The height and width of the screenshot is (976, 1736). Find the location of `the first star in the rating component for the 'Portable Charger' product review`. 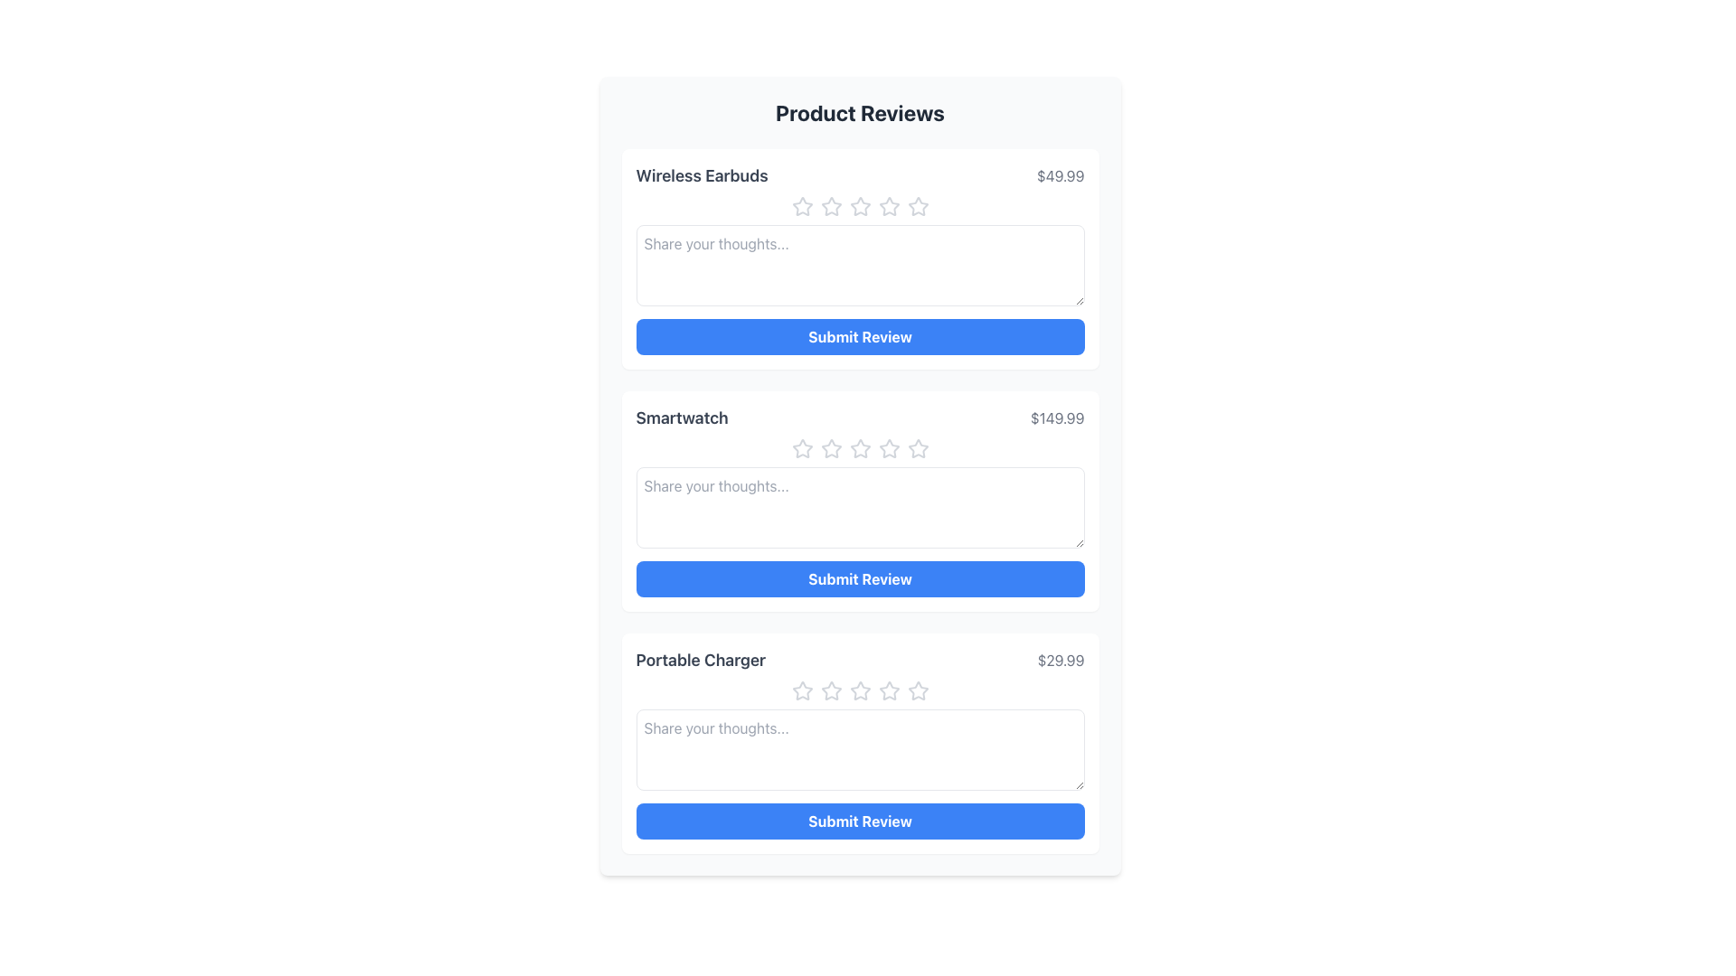

the first star in the rating component for the 'Portable Charger' product review is located at coordinates (801, 690).